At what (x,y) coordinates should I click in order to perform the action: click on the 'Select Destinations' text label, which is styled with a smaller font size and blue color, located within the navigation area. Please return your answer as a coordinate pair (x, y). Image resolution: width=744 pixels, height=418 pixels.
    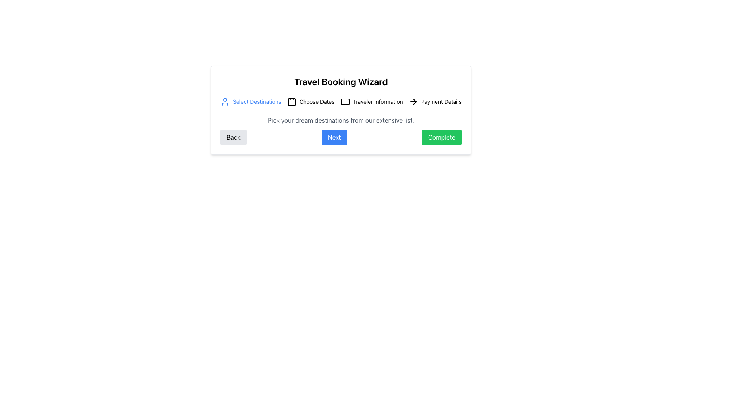
    Looking at the image, I should click on (257, 101).